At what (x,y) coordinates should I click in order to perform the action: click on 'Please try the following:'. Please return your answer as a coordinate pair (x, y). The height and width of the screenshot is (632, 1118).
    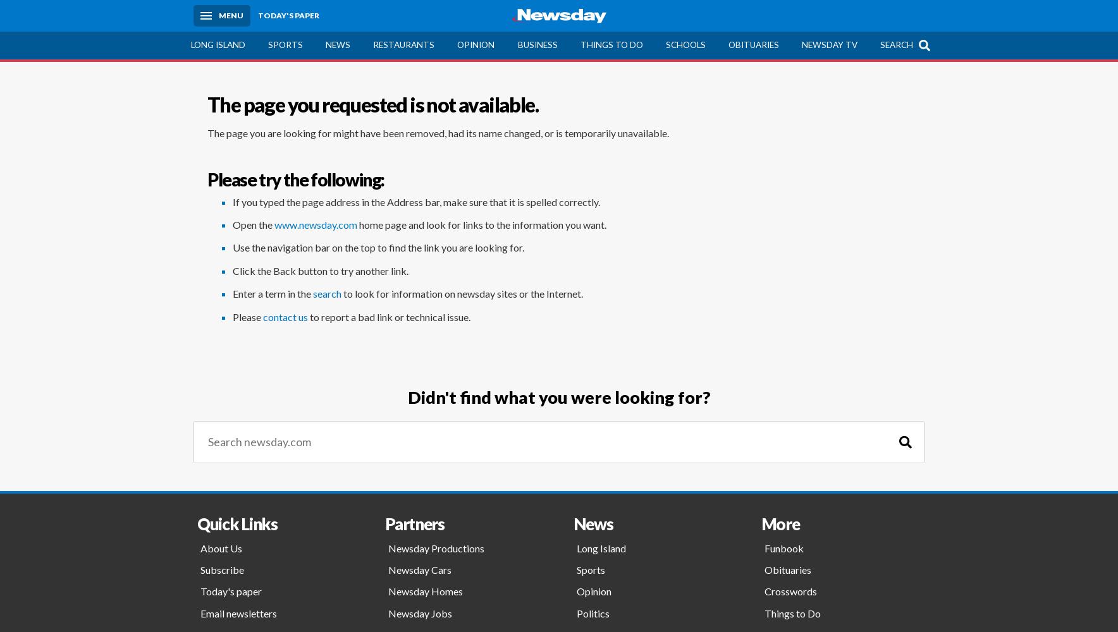
    Looking at the image, I should click on (295, 179).